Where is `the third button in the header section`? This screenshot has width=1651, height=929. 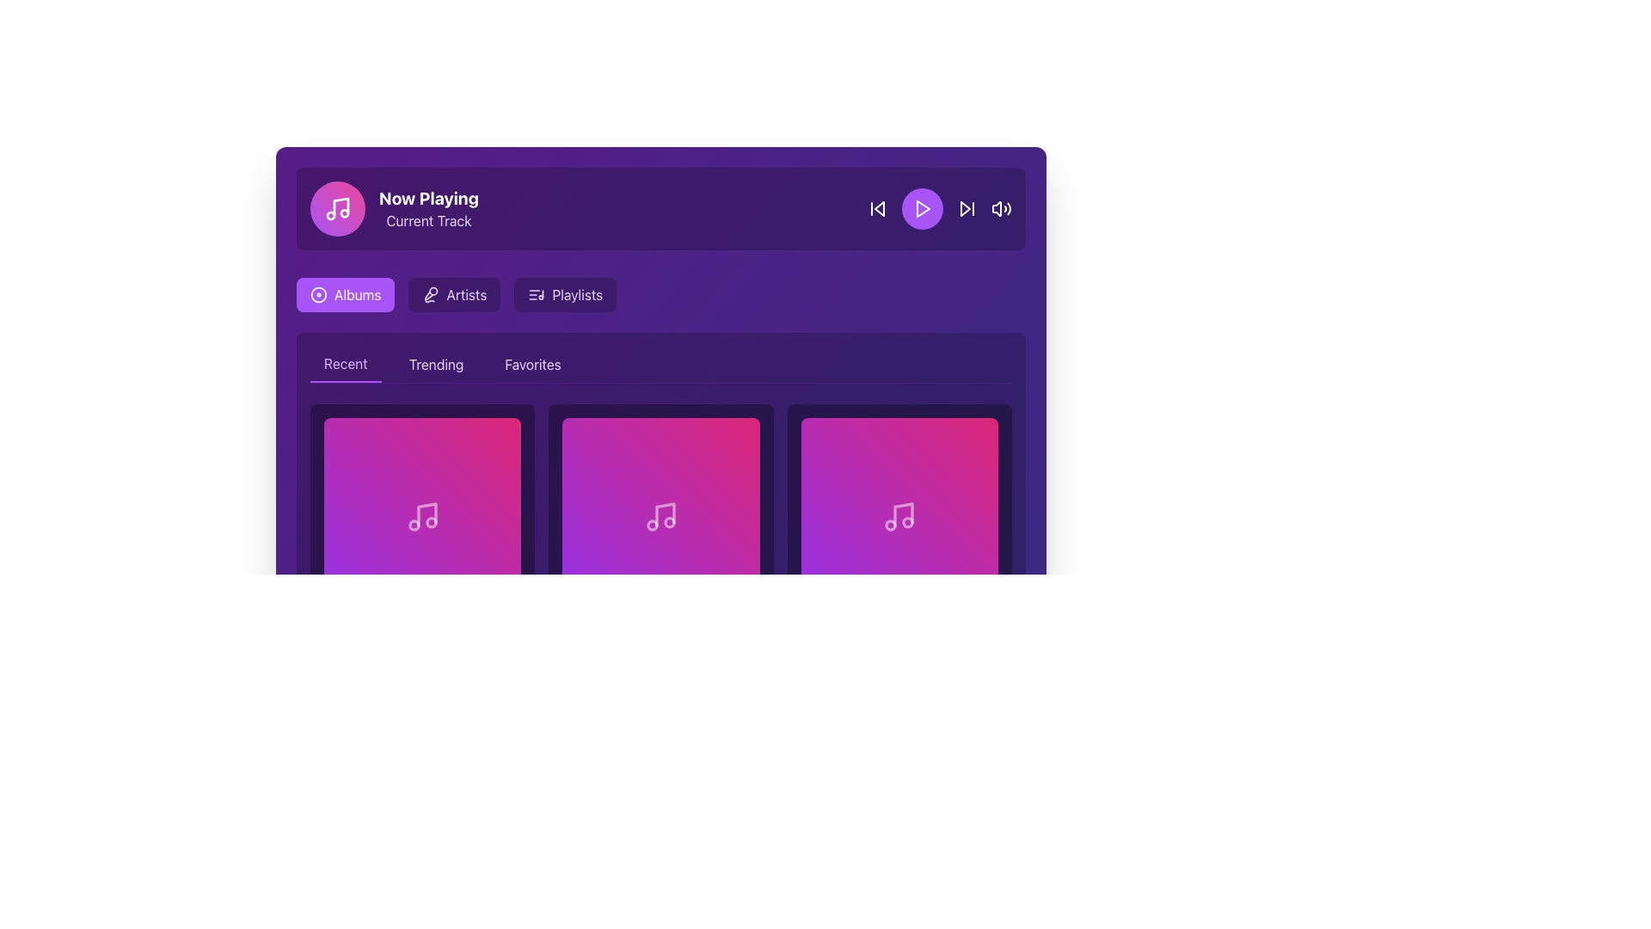 the third button in the header section is located at coordinates (565, 294).